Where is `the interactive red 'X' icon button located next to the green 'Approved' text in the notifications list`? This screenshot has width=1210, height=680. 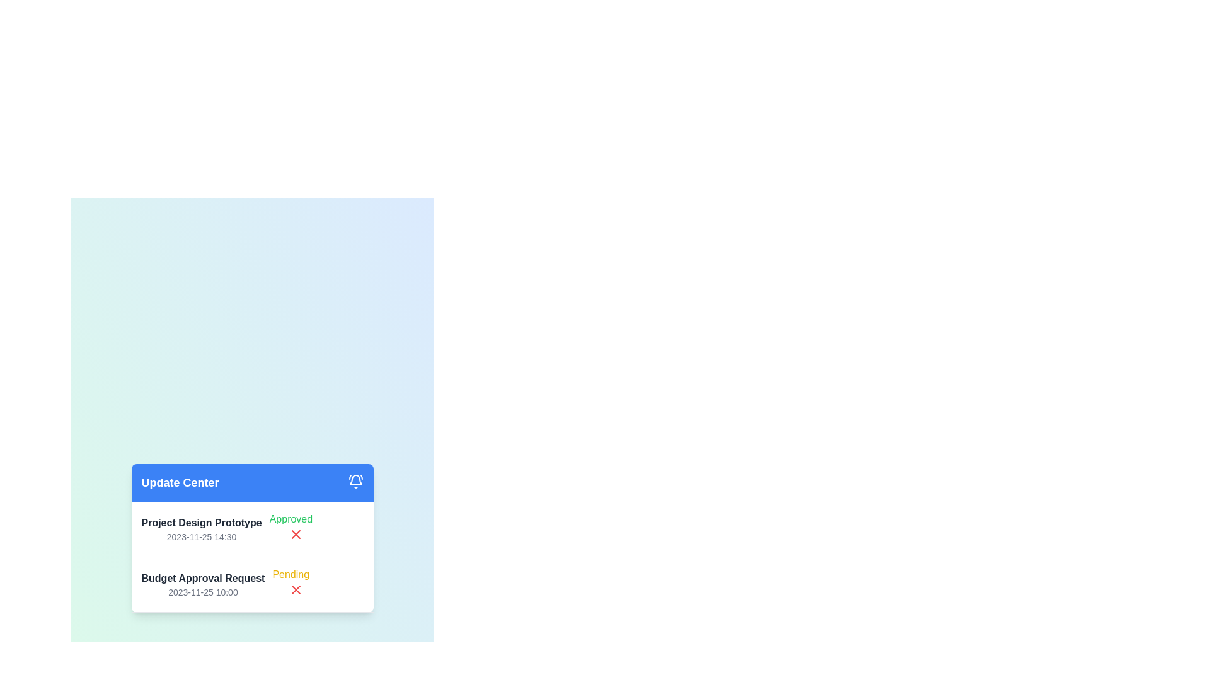 the interactive red 'X' icon button located next to the green 'Approved' text in the notifications list is located at coordinates (295, 534).